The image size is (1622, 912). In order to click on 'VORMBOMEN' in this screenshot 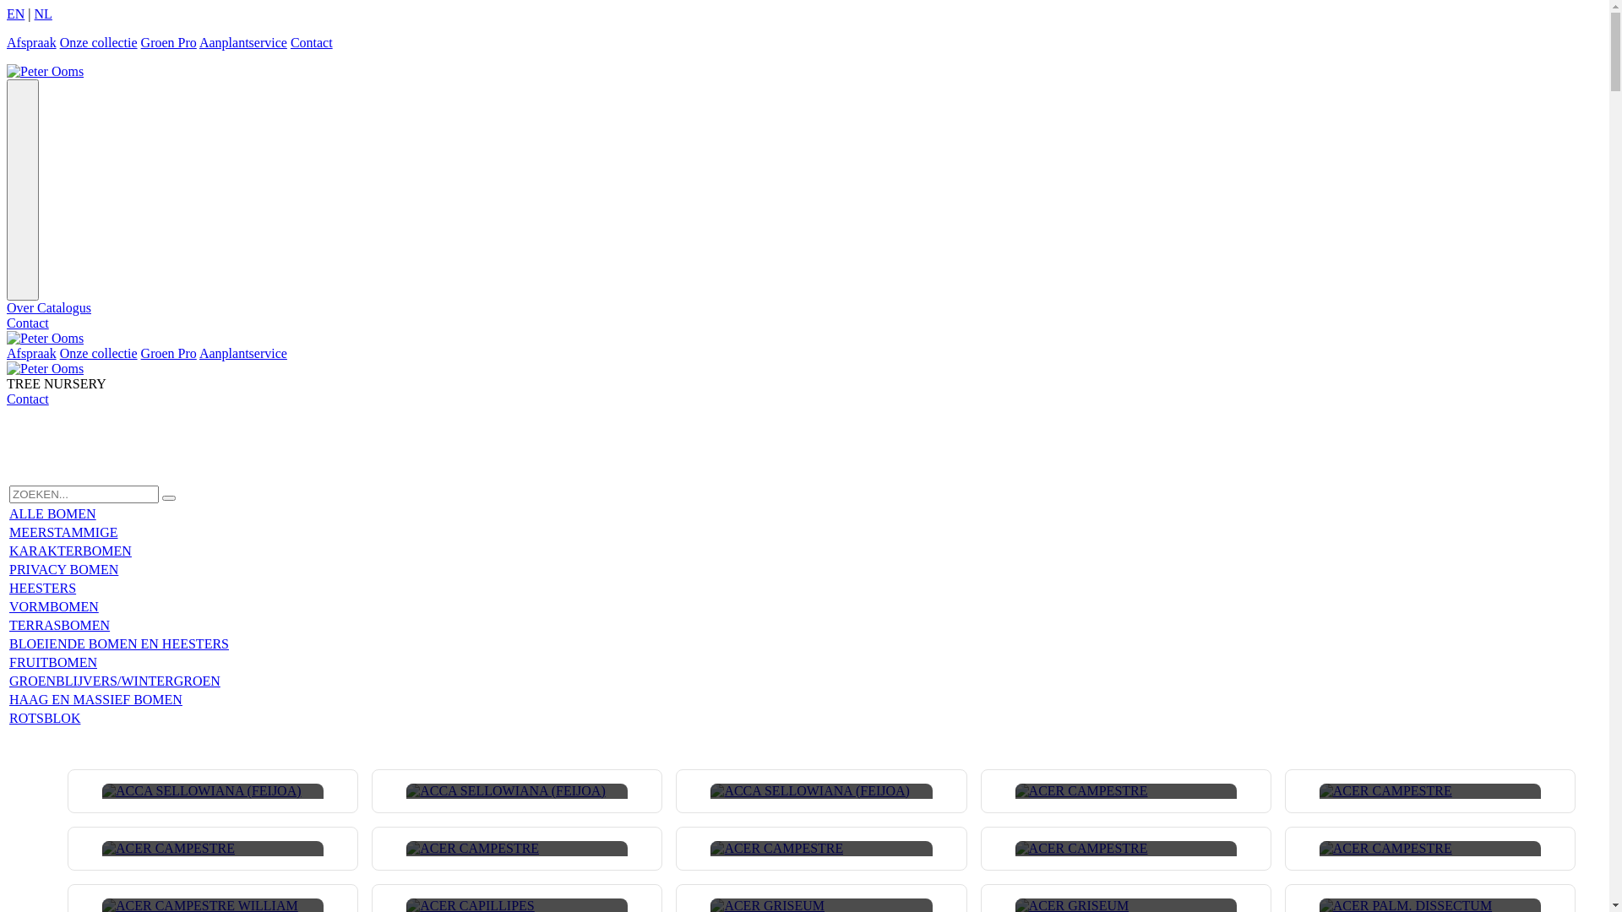, I will do `click(8, 605)`.